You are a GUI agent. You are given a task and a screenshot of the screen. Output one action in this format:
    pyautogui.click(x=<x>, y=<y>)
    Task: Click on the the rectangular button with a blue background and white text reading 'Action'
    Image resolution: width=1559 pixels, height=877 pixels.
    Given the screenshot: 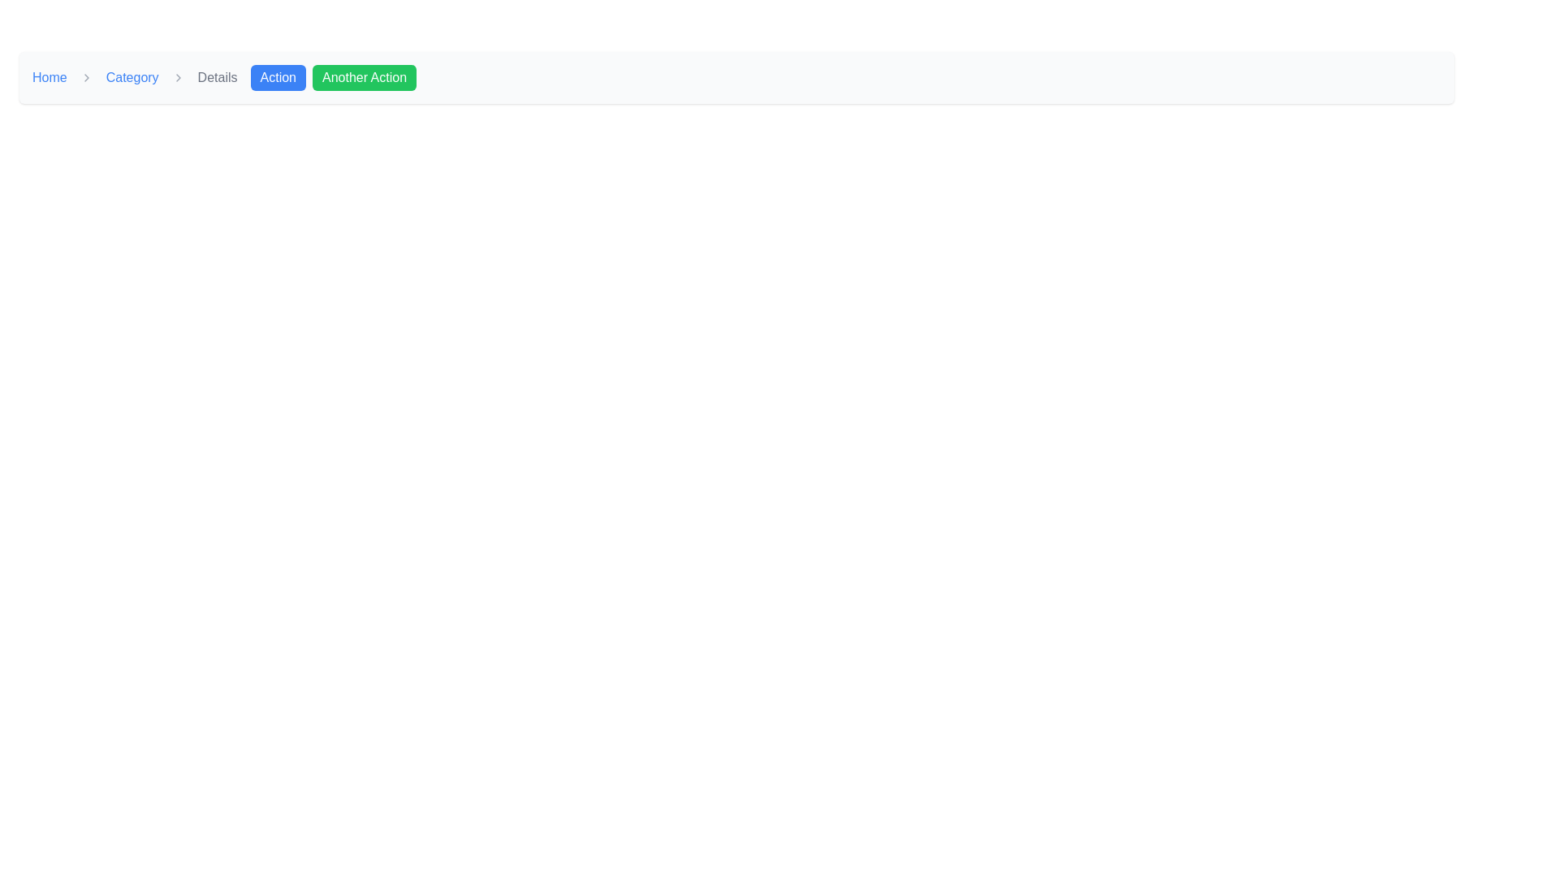 What is the action you would take?
    pyautogui.click(x=278, y=78)
    